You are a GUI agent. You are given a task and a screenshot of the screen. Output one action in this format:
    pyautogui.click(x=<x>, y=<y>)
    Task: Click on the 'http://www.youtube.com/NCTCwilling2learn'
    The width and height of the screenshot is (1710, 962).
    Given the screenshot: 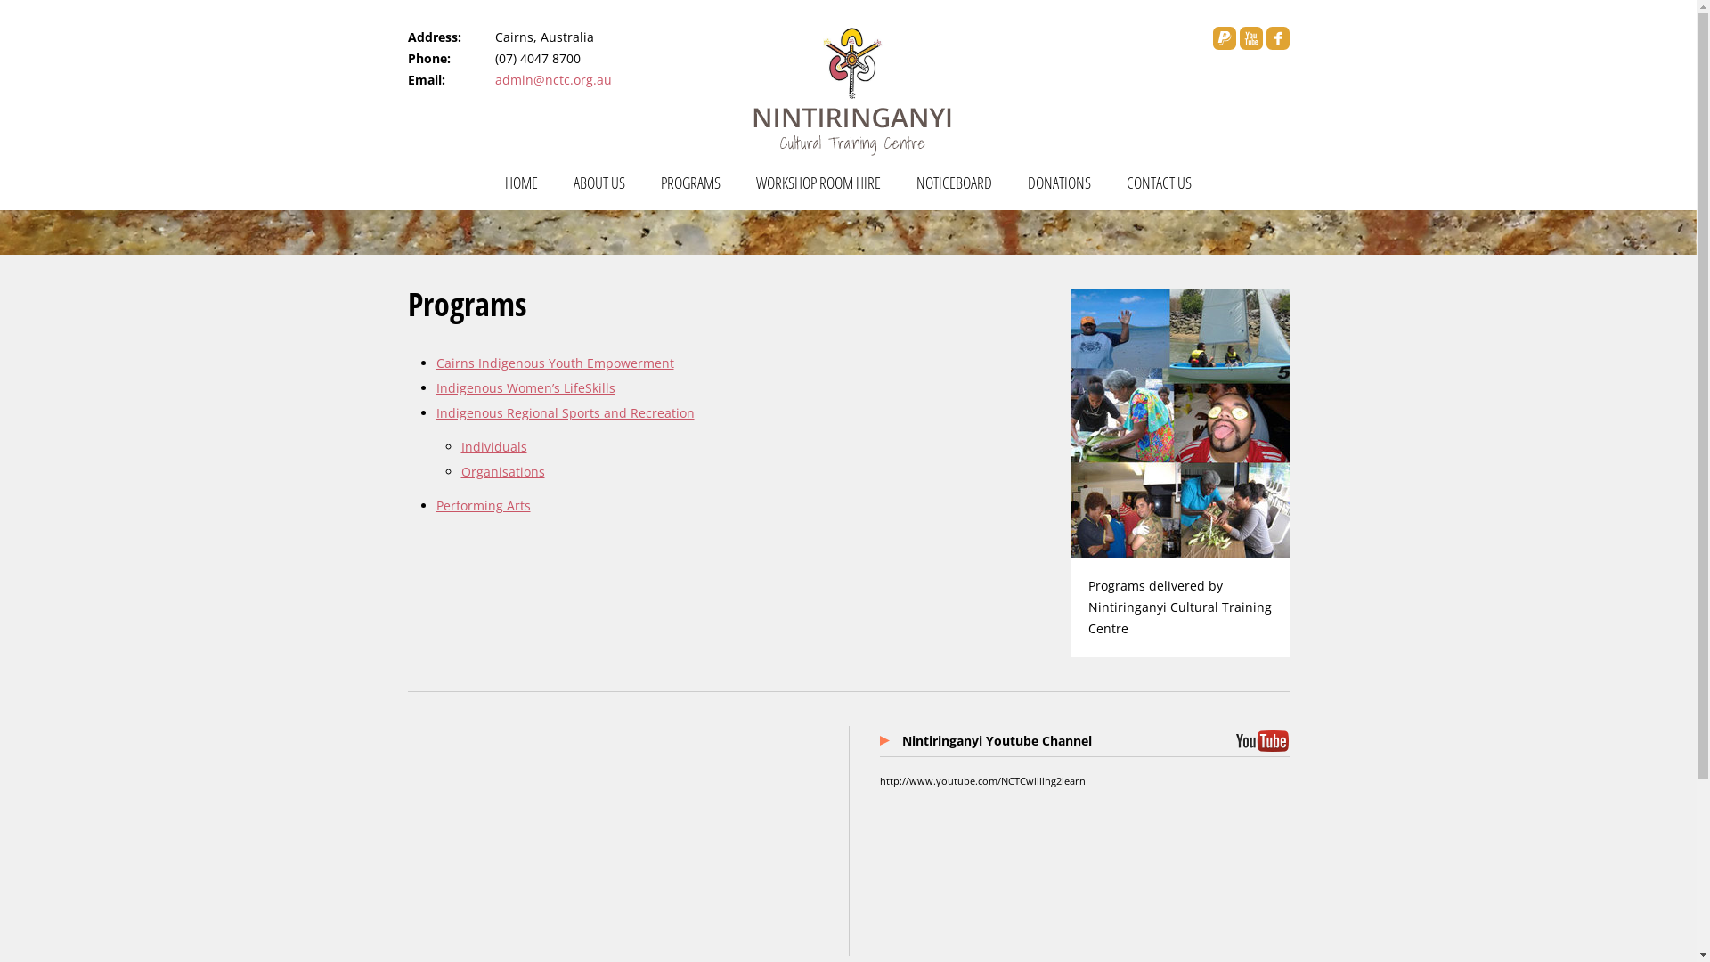 What is the action you would take?
    pyautogui.click(x=981, y=779)
    